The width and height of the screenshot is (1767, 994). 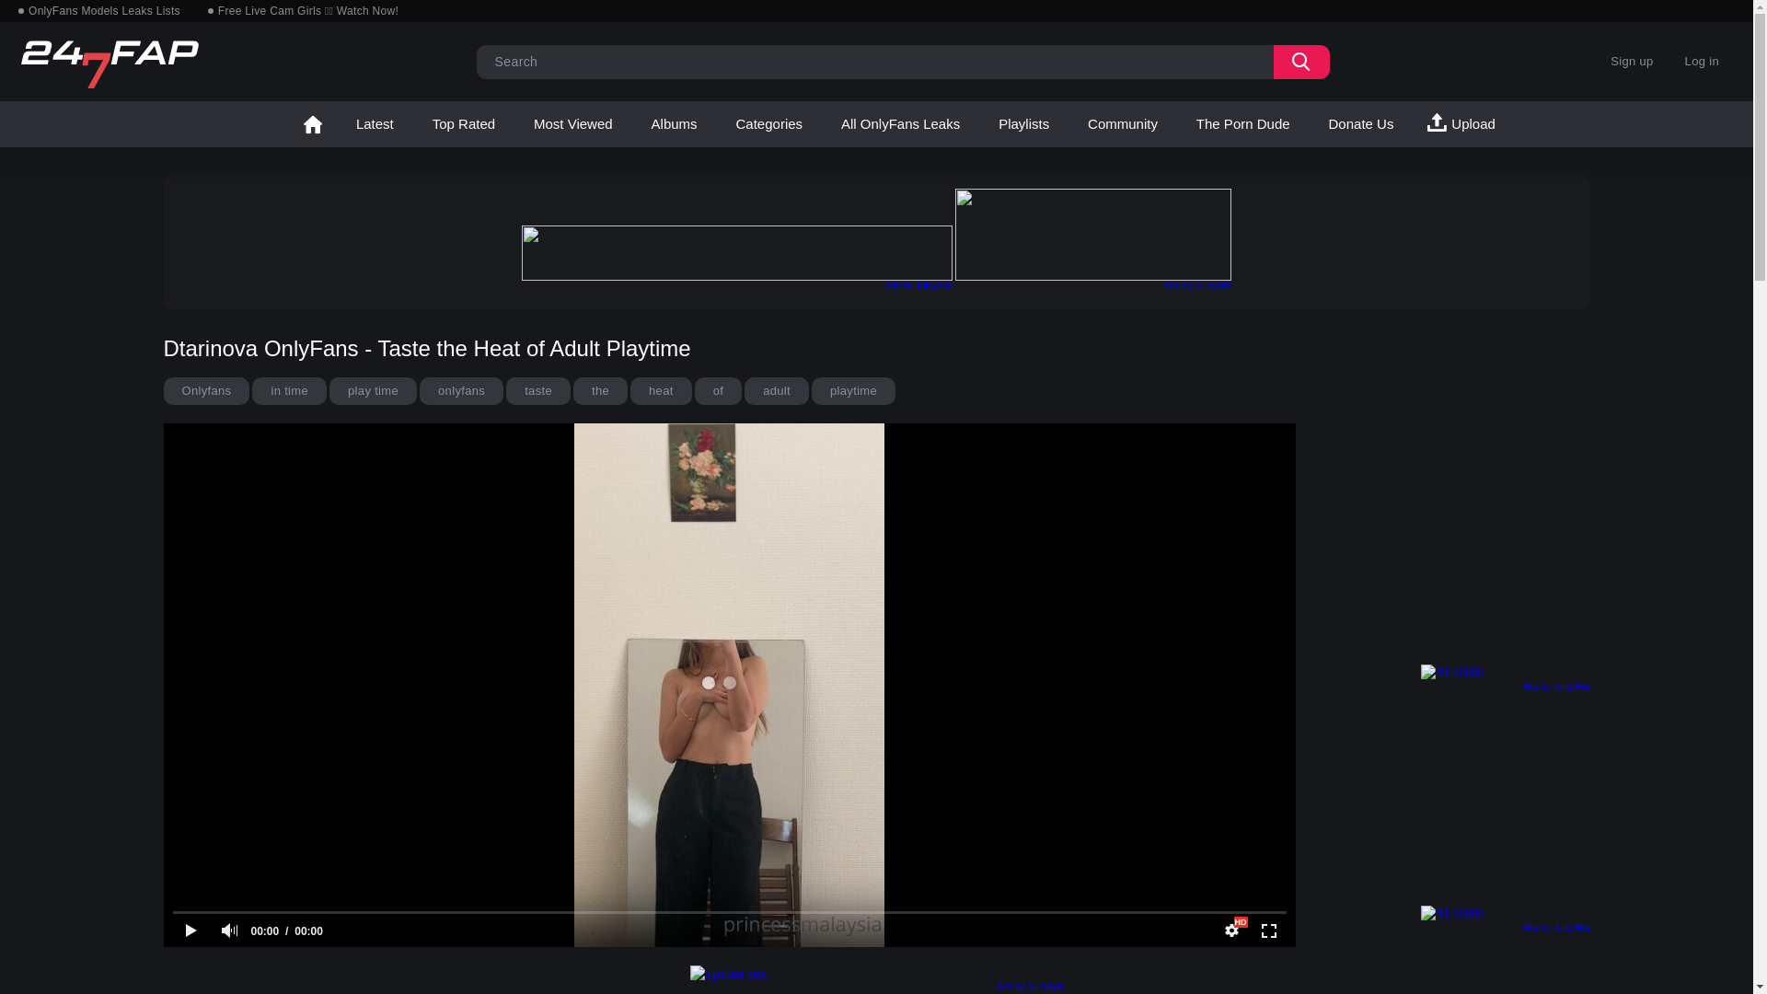 What do you see at coordinates (1361, 124) in the screenshot?
I see `'Donate Us'` at bounding box center [1361, 124].